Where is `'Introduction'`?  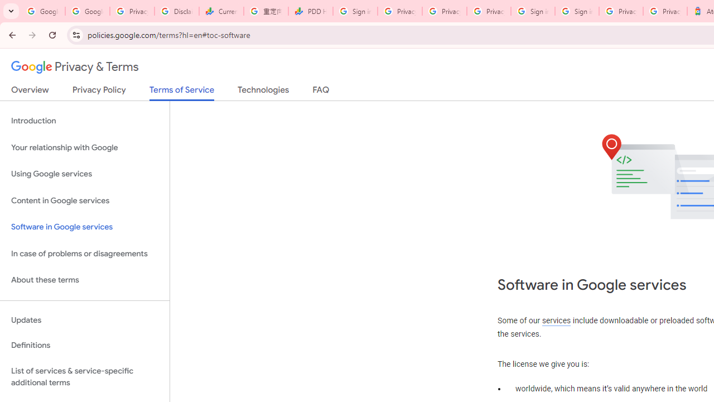
'Introduction' is located at coordinates (84, 121).